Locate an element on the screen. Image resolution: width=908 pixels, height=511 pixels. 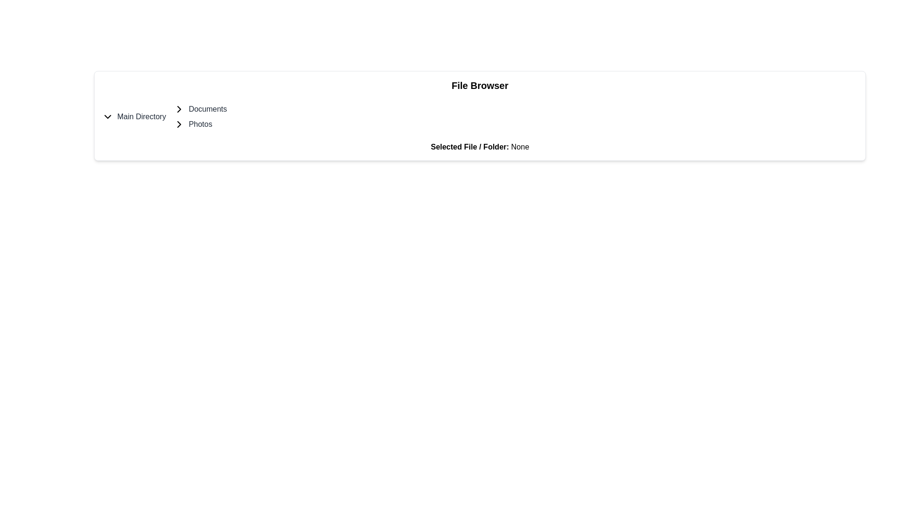
the icon located to the right of the 'Documents' text to indicate its presence is located at coordinates (179, 109).